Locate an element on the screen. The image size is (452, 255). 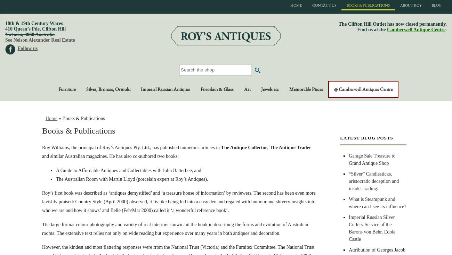
'Camberwell Antique Centre' is located at coordinates (415, 29).